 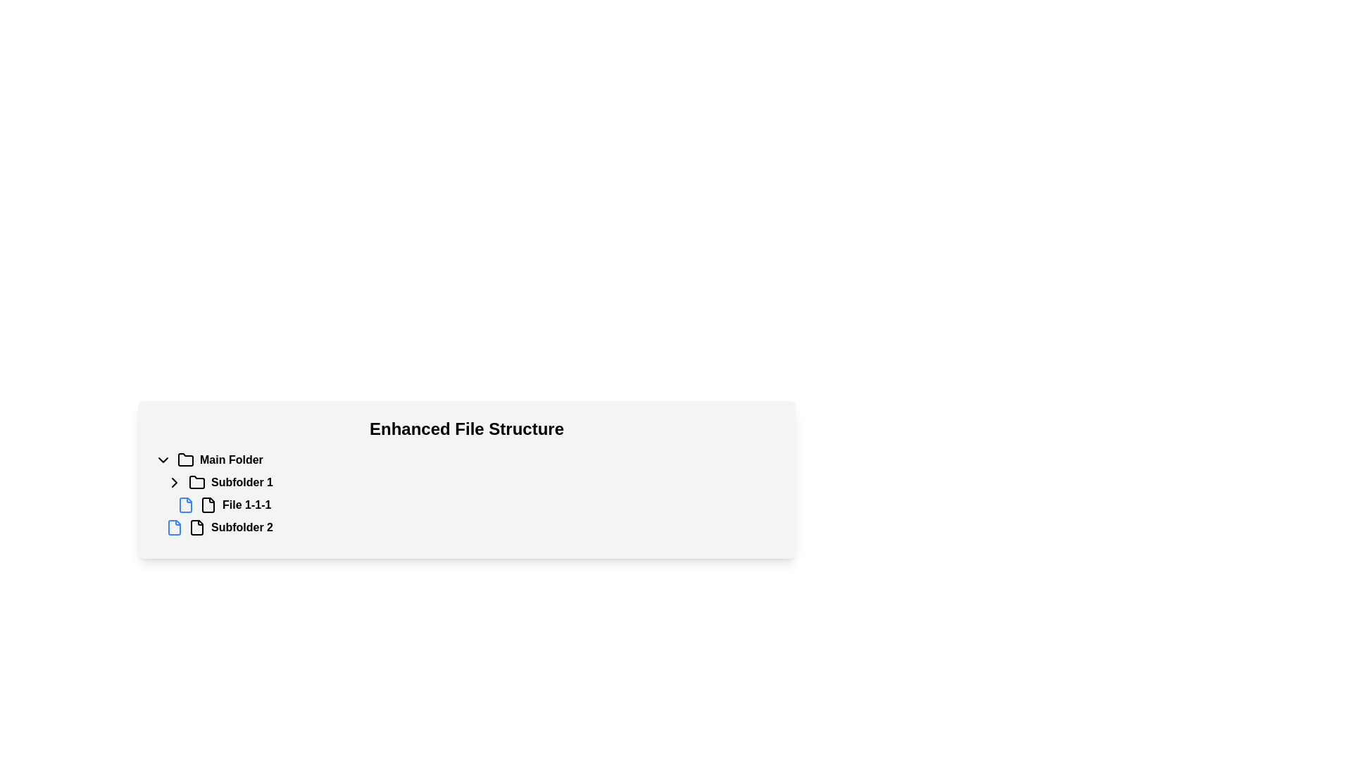 I want to click on the bold text label displaying 'Subfolder 1' to trigger the underline effect, so click(x=242, y=482).